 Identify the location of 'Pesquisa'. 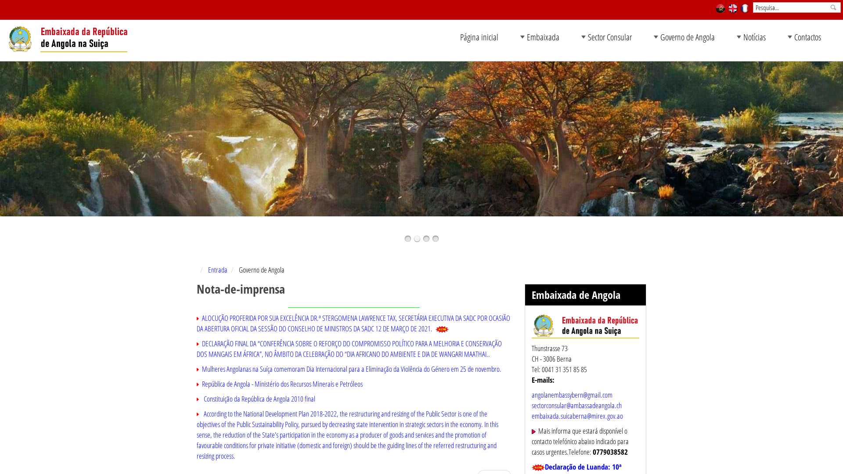
(828, 7).